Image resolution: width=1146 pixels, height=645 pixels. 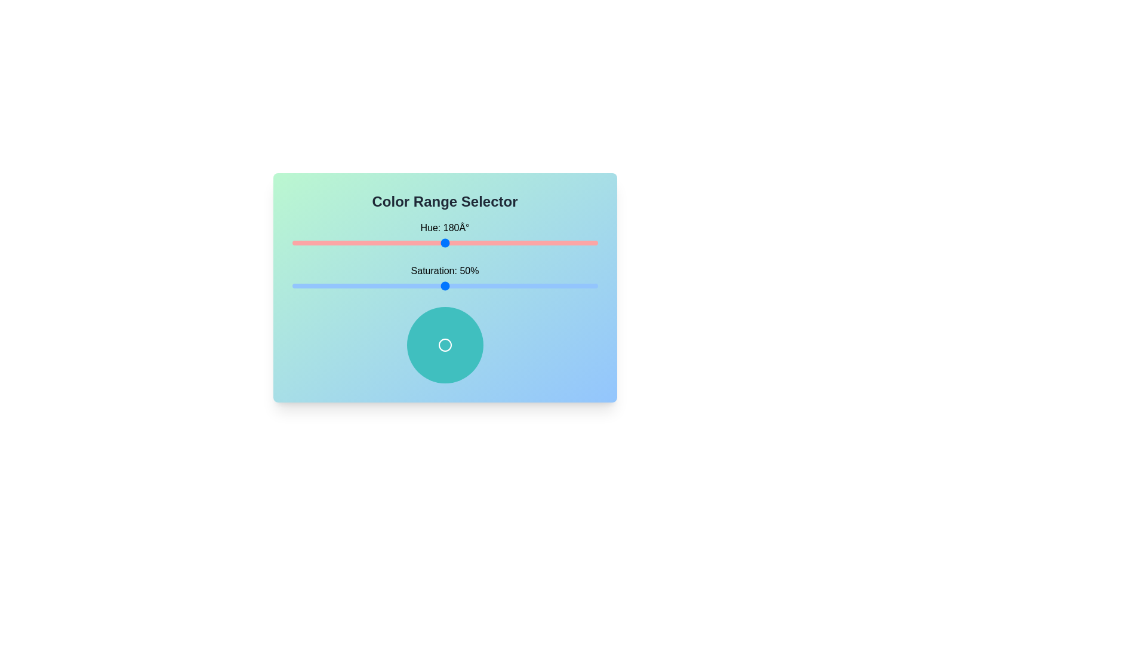 What do you see at coordinates (322, 242) in the screenshot?
I see `the hue slider to set the hue to 35 degrees` at bounding box center [322, 242].